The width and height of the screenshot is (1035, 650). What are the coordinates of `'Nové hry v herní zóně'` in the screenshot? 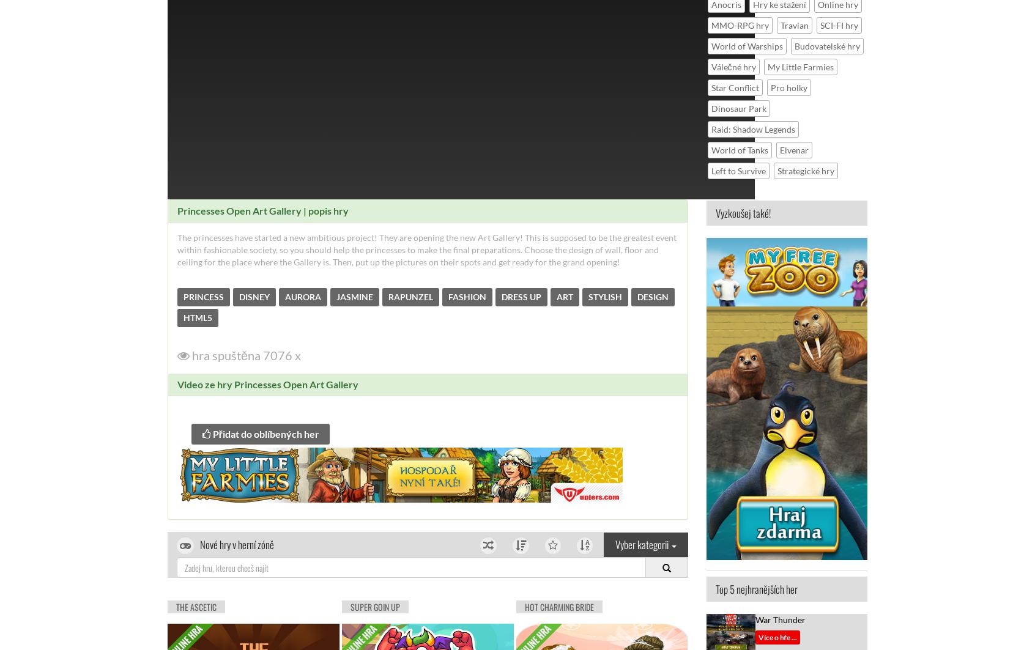 It's located at (237, 544).